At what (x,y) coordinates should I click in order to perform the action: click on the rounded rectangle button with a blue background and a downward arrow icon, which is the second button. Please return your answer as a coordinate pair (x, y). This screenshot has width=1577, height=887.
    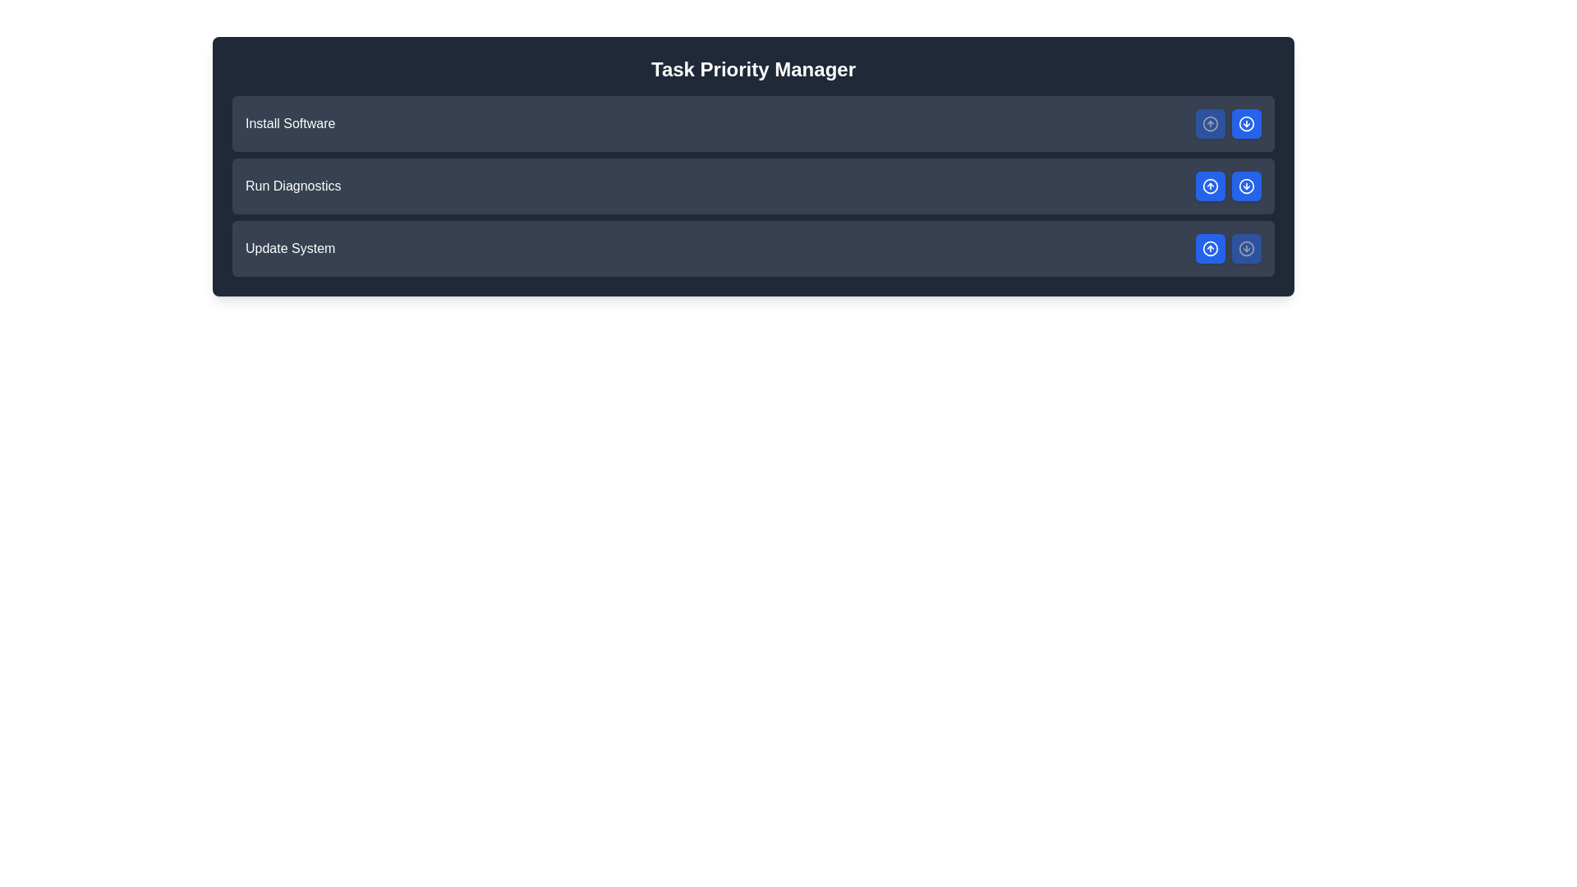
    Looking at the image, I should click on (1246, 186).